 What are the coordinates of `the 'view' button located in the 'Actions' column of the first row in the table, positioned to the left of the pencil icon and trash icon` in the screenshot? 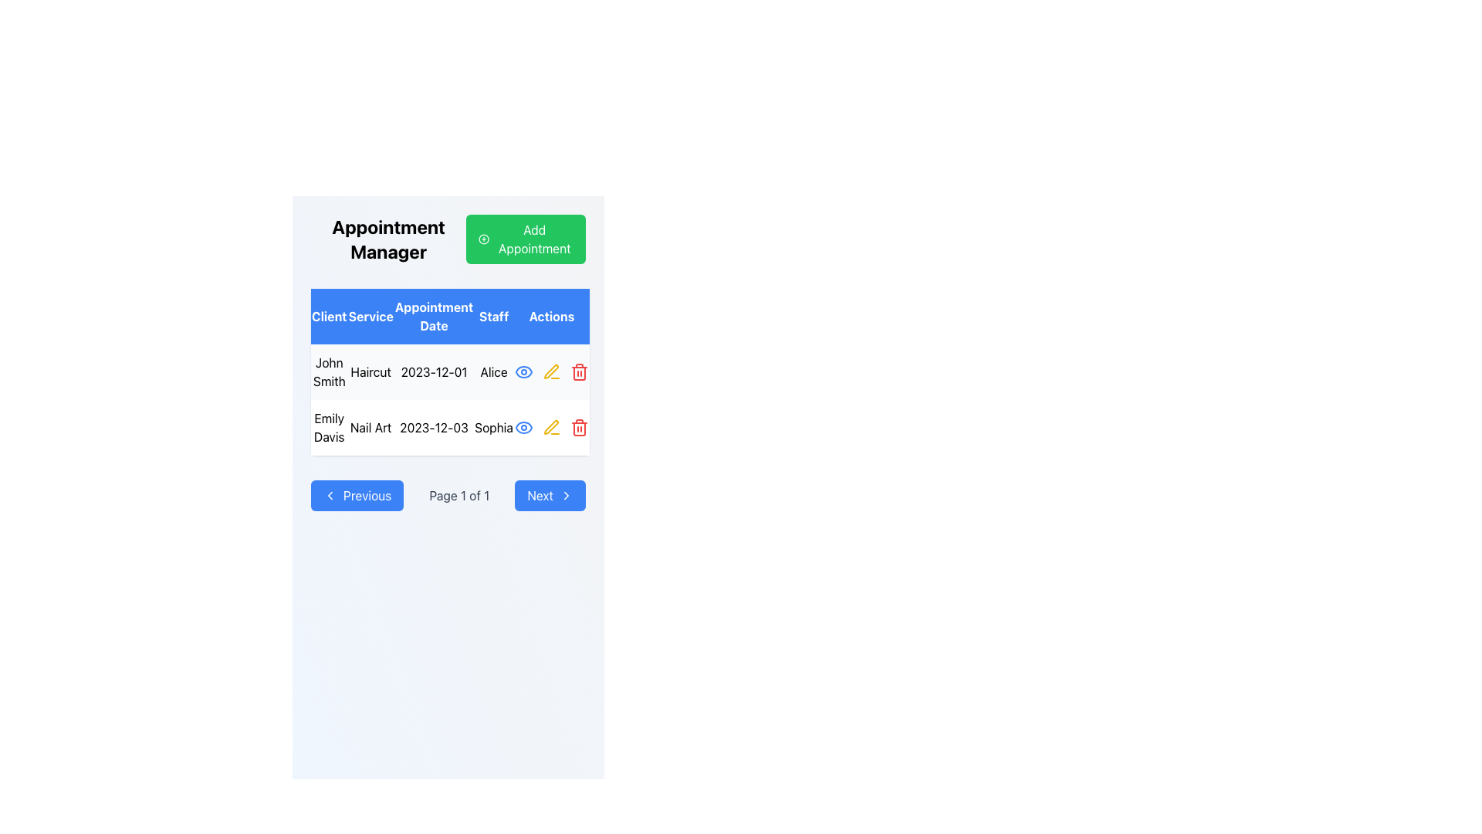 It's located at (523, 372).